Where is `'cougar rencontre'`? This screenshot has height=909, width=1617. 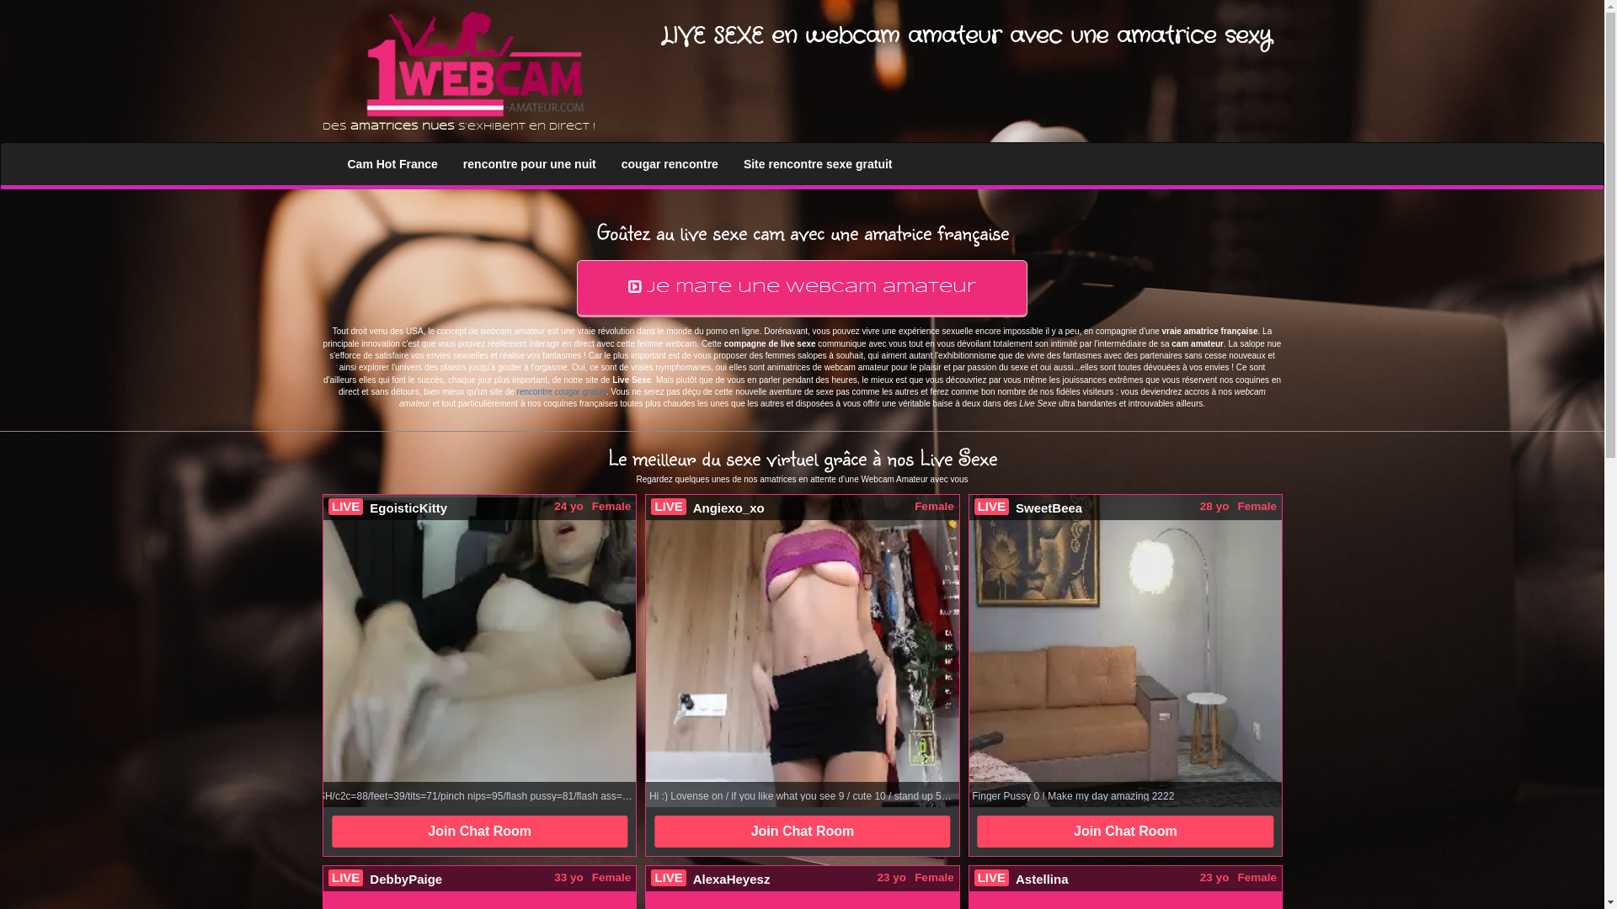 'cougar rencontre' is located at coordinates (608, 164).